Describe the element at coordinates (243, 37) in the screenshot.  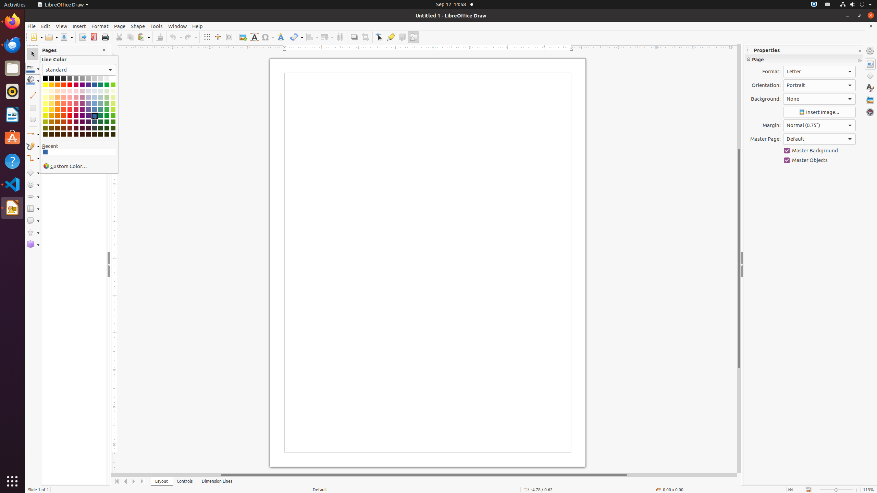
I see `'Image'` at that location.